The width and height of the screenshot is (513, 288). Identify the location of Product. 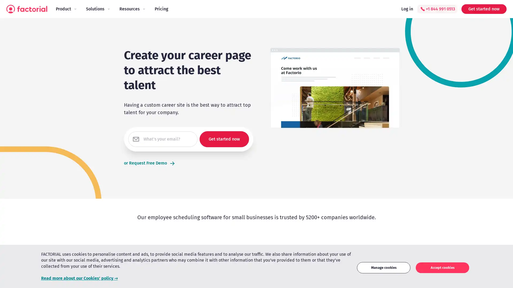
(66, 9).